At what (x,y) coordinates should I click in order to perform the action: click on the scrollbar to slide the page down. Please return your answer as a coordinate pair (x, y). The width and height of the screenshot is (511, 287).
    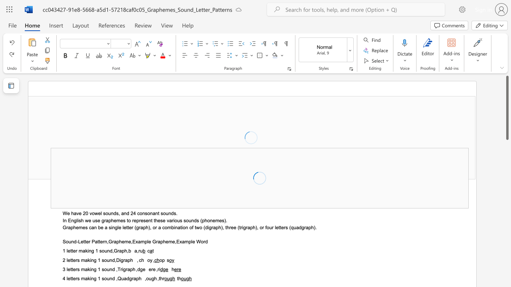
    Looking at the image, I should click on (507, 159).